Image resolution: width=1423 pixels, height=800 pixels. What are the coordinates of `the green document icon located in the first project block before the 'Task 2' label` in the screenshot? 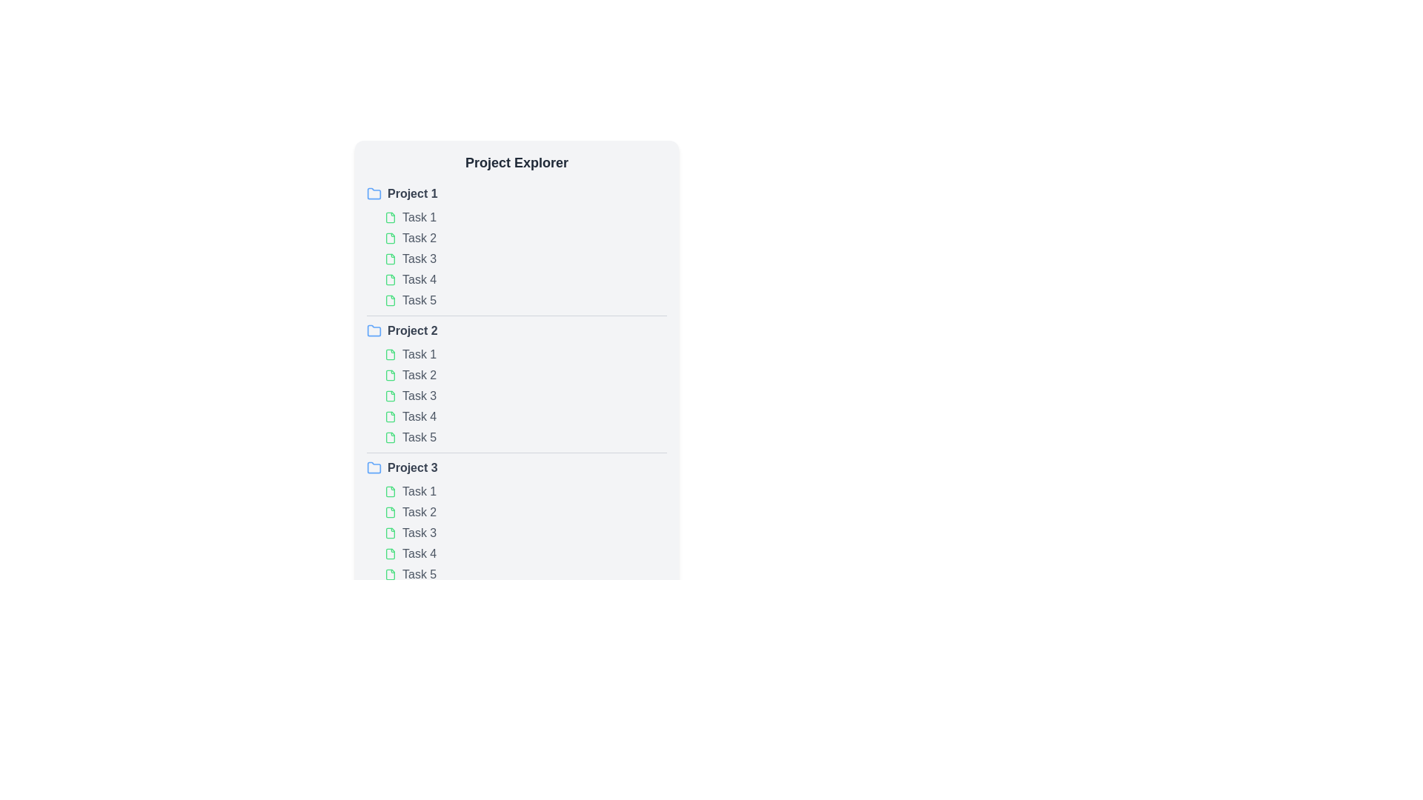 It's located at (391, 237).